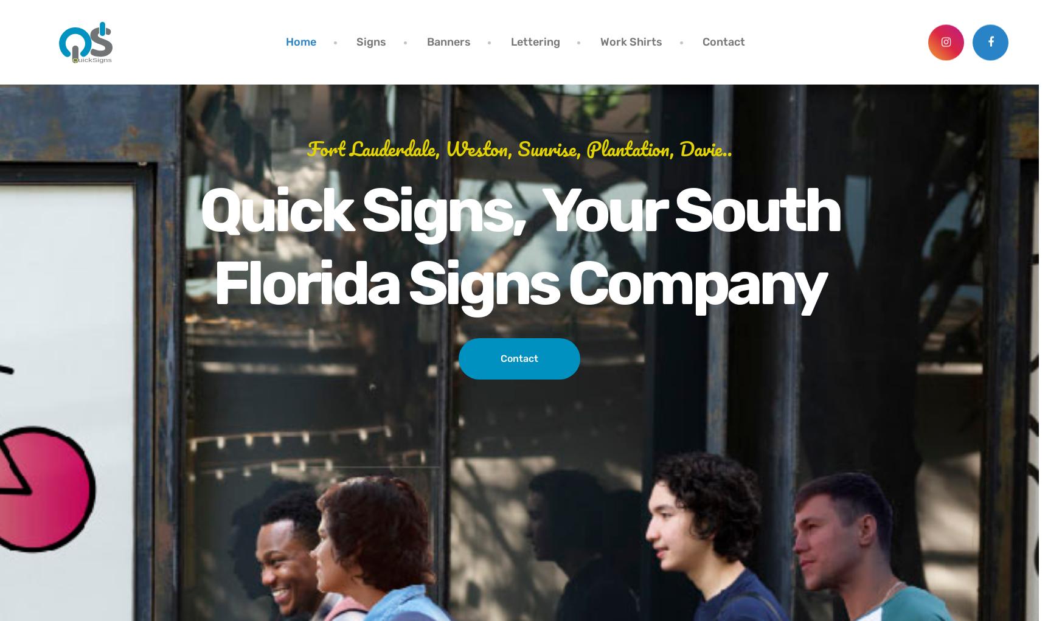  Describe the element at coordinates (504, 233) in the screenshot. I see `'Acrylic Signs'` at that location.